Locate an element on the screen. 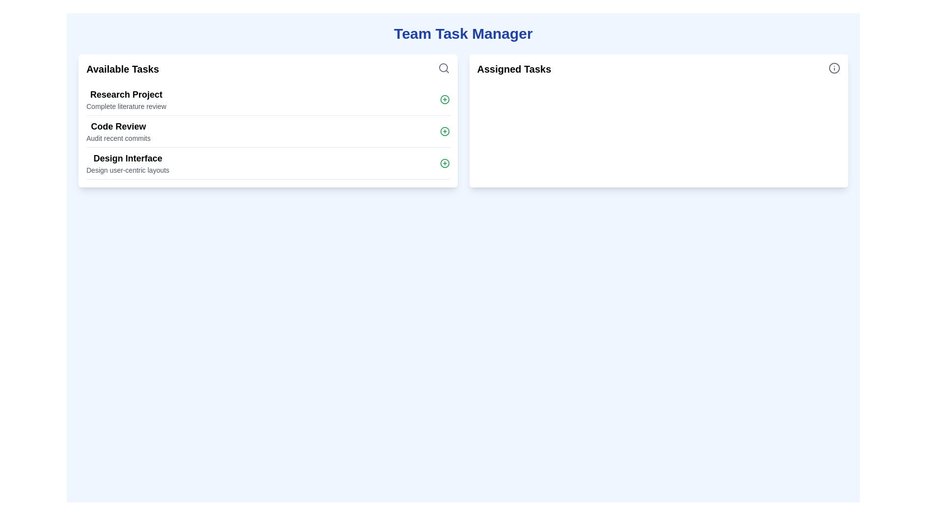 This screenshot has width=943, height=530. the decorative circle element in the SVG representing the search icon located at the top-right corner of the 'Available Tasks' card is located at coordinates (443, 67).